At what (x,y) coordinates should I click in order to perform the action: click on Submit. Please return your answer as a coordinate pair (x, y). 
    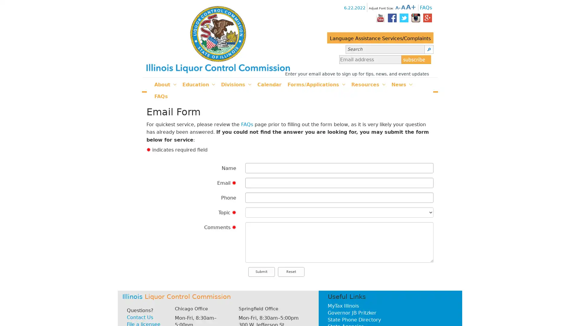
    Looking at the image, I should click on (261, 272).